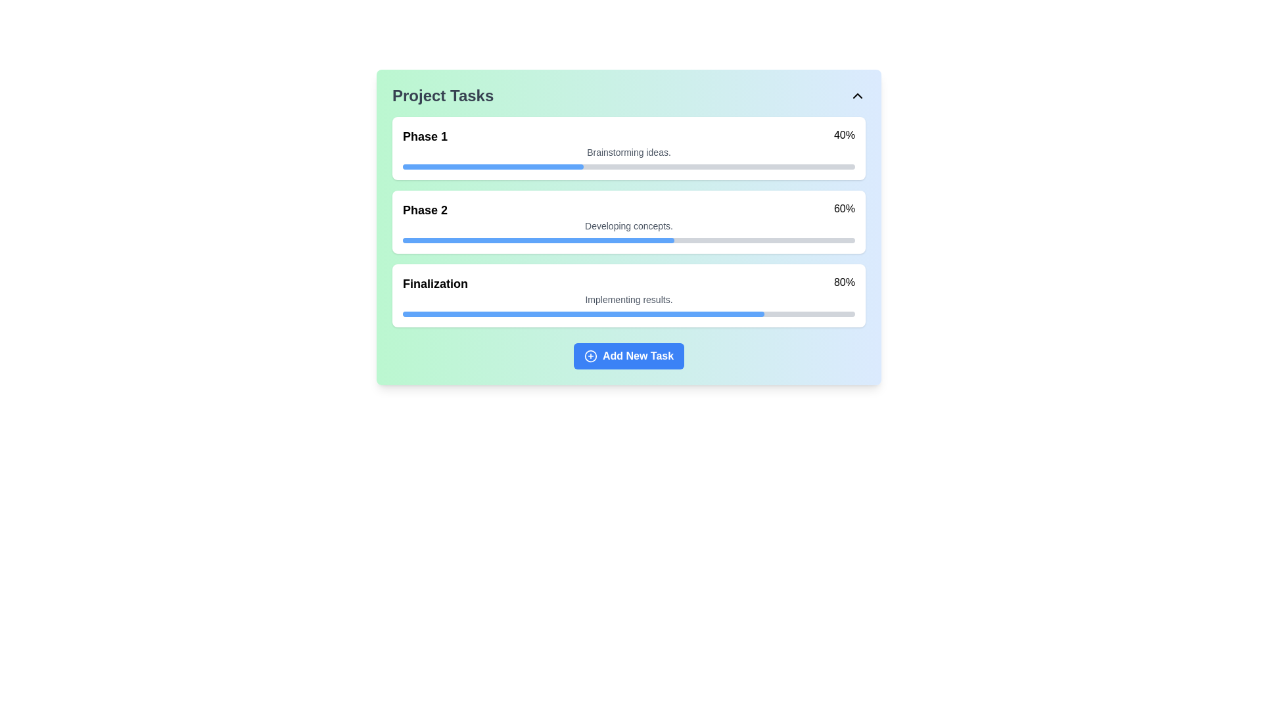 This screenshot has width=1262, height=710. I want to click on the third item in the task list that displays the name and completion percentage of a task, providing quick insights into its progress, so click(628, 283).